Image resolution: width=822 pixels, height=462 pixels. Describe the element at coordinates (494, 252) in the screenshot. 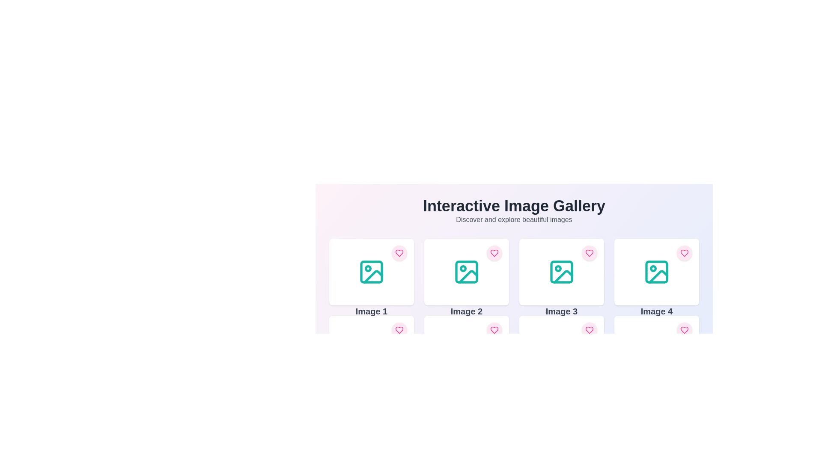

I see `the favorites button located in the top-right corner of the card labeled 'Image 2', which is part of a grid in the second column of the first row` at that location.